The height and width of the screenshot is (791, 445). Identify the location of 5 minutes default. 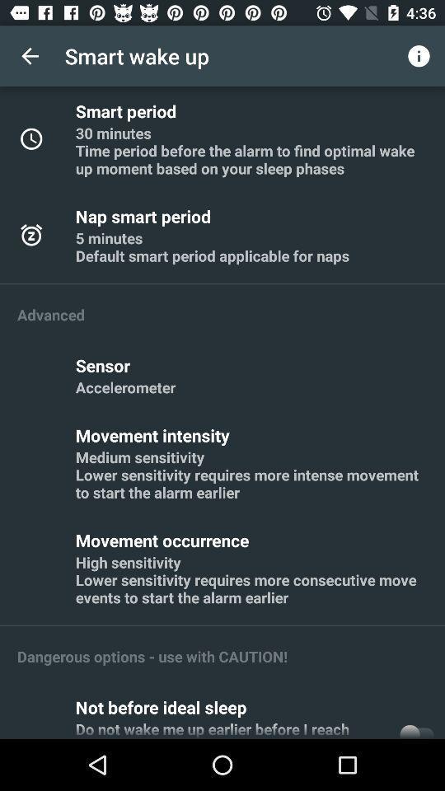
(213, 246).